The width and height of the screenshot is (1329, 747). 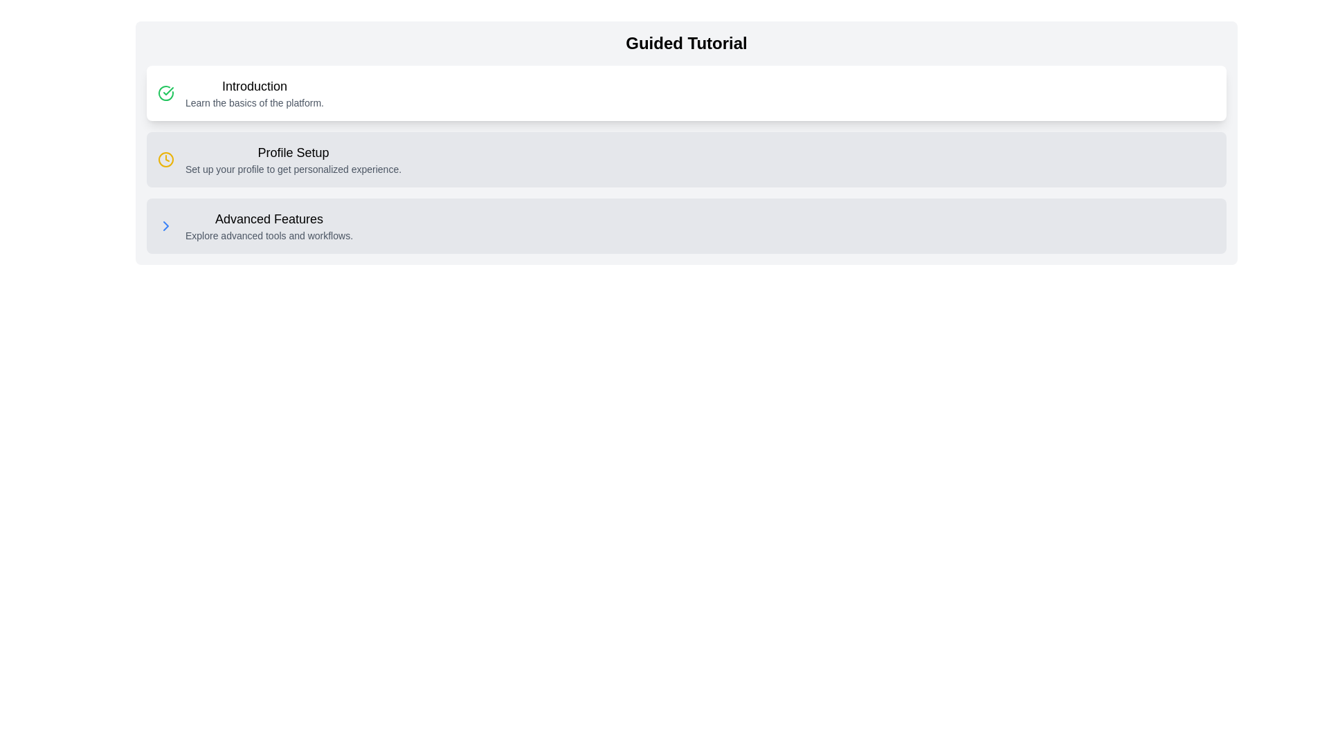 I want to click on the title text element that serves as the heading for the tutorial section, positioned above the description 'Learn the basics of the platform.', so click(x=255, y=86).